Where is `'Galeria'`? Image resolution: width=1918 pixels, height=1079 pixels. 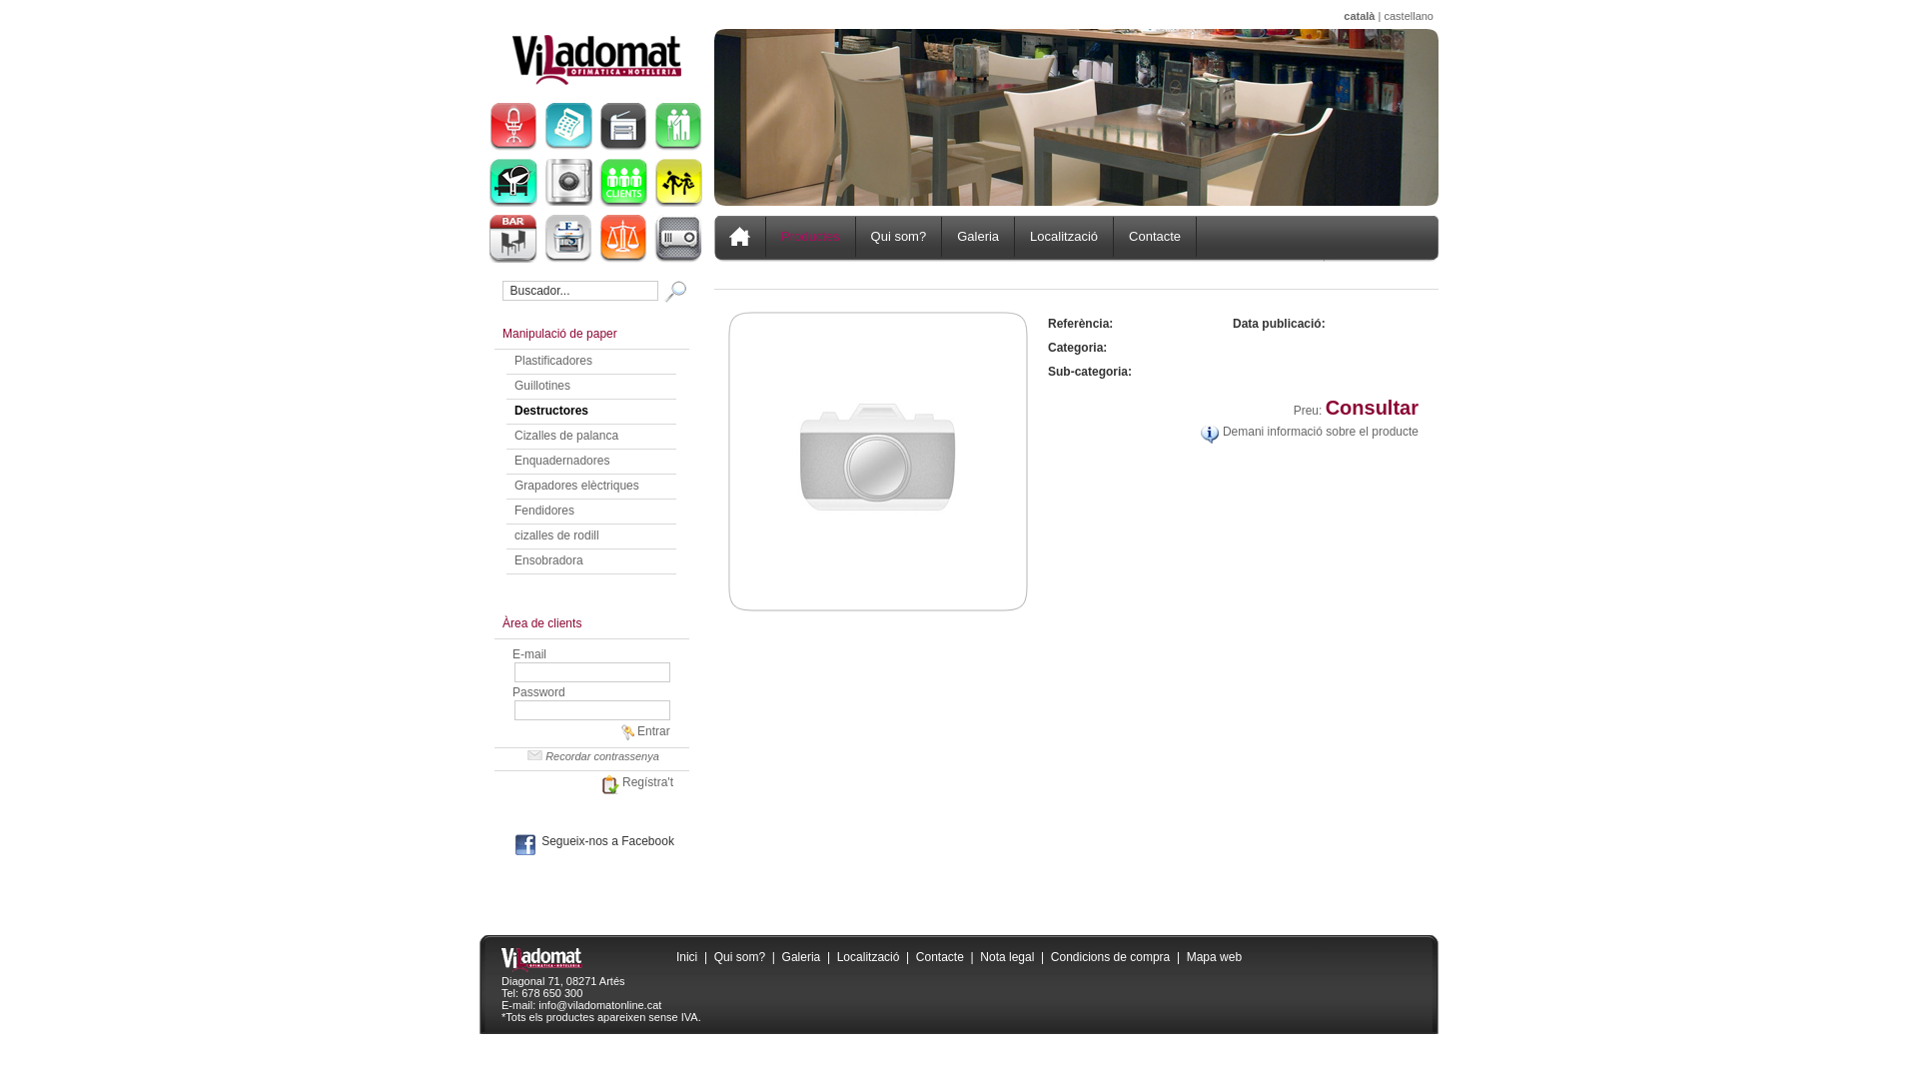 'Galeria' is located at coordinates (801, 955).